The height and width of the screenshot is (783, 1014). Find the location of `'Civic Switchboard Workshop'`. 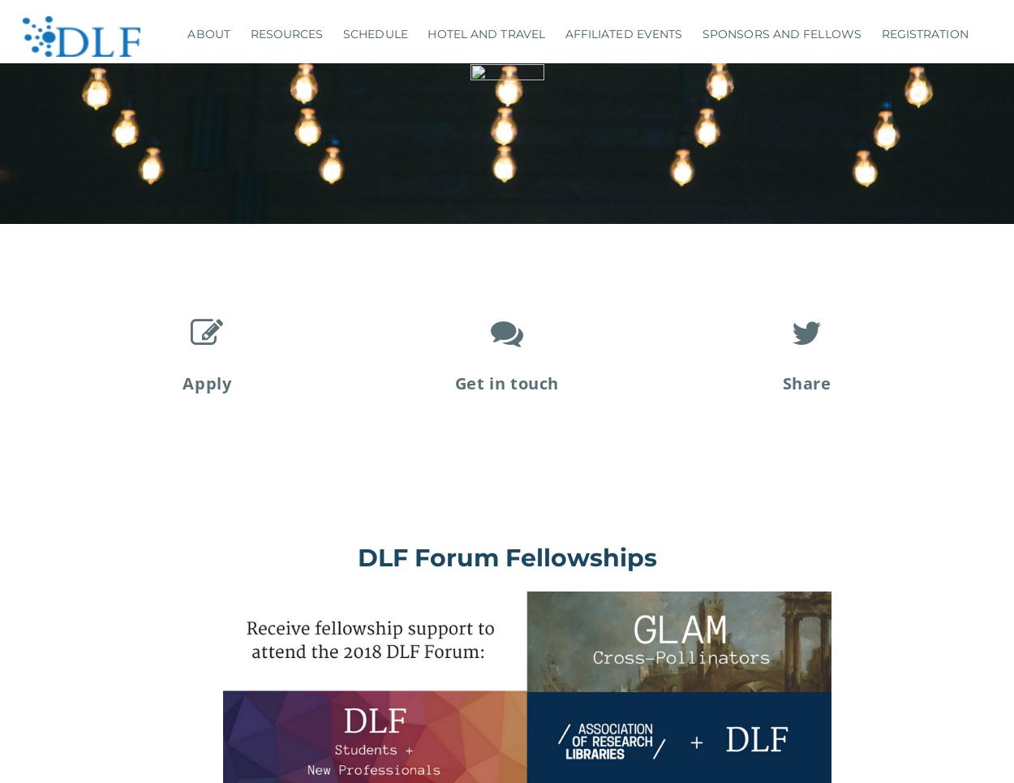

'Civic Switchboard Workshop' is located at coordinates (620, 110).